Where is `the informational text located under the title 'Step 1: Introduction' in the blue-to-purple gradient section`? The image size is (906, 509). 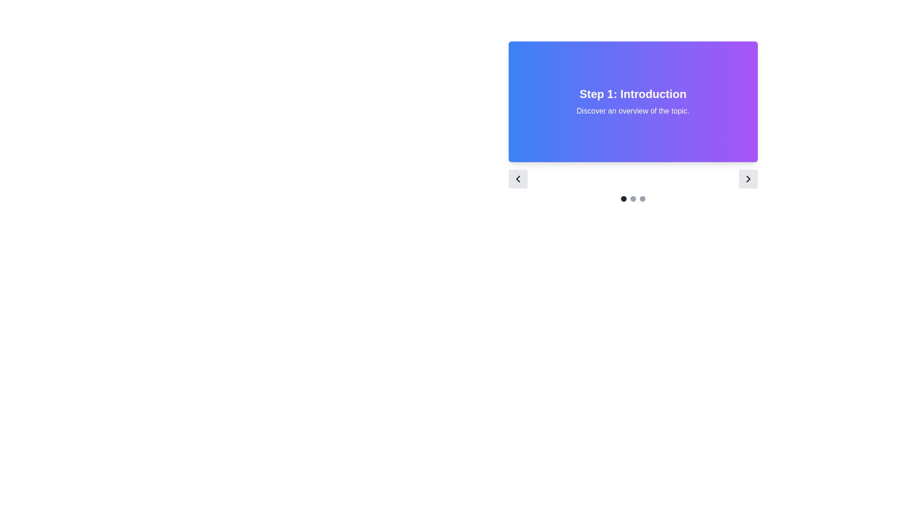
the informational text located under the title 'Step 1: Introduction' in the blue-to-purple gradient section is located at coordinates (633, 110).